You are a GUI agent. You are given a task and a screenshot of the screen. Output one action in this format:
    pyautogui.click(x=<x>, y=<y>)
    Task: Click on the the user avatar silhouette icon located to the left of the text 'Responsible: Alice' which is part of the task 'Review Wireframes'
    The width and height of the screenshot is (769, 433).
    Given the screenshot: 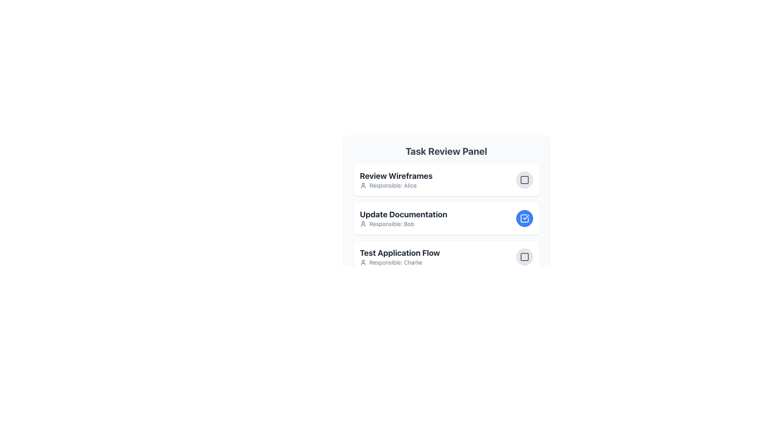 What is the action you would take?
    pyautogui.click(x=362, y=185)
    